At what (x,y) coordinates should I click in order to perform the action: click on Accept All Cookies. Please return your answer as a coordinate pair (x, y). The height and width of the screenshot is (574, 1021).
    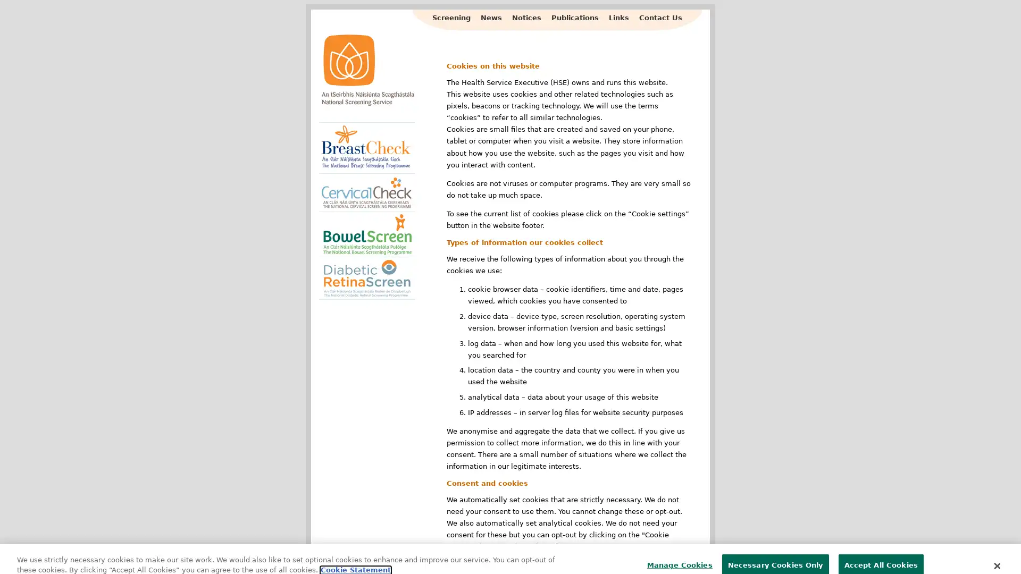
    Looking at the image, I should click on (881, 551).